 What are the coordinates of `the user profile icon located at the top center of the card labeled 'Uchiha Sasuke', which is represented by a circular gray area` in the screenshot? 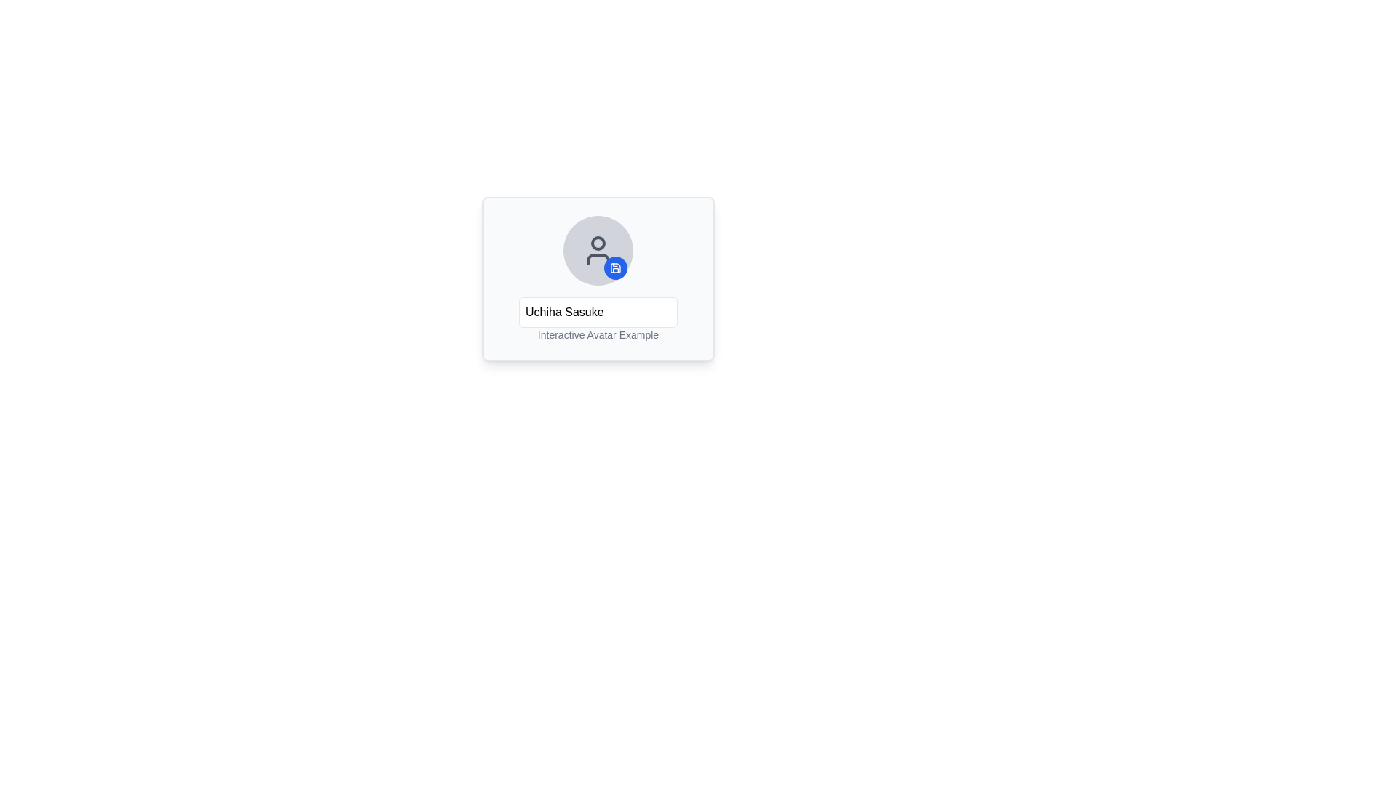 It's located at (598, 249).